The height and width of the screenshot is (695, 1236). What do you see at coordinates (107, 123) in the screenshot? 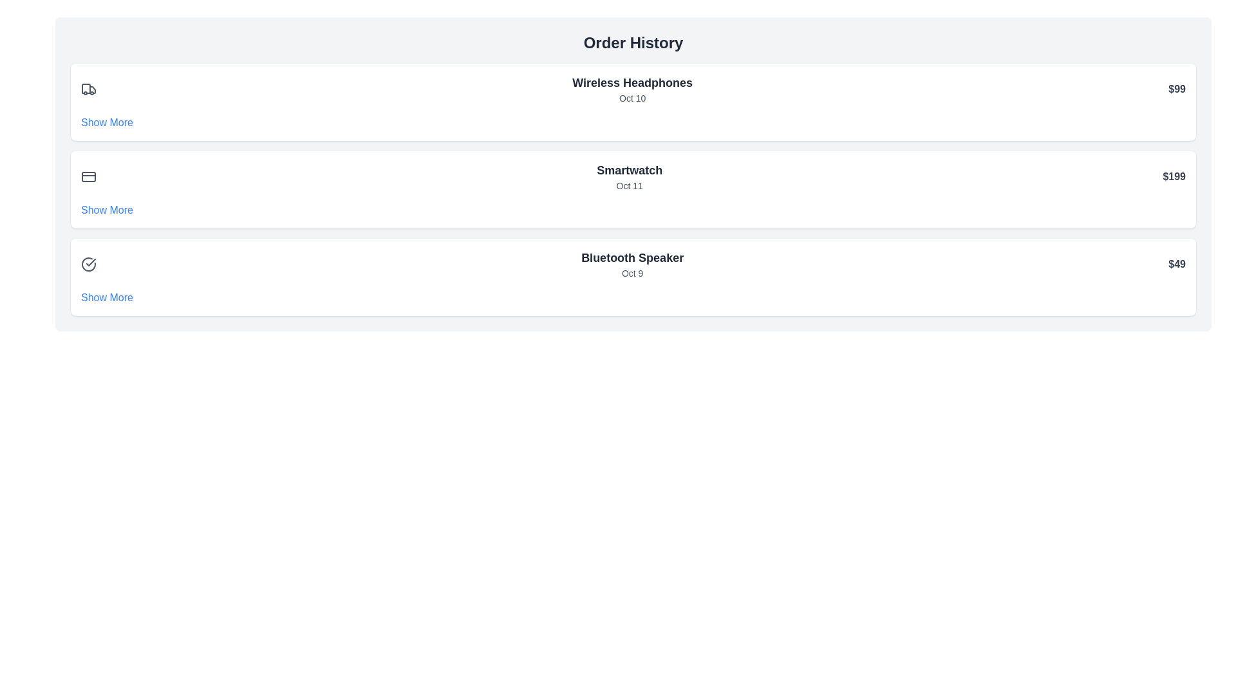
I see `the 'Show More' button displayed in blue font located in the first card under 'Wireless Headphones' to change its color, indicating interactivity` at bounding box center [107, 123].